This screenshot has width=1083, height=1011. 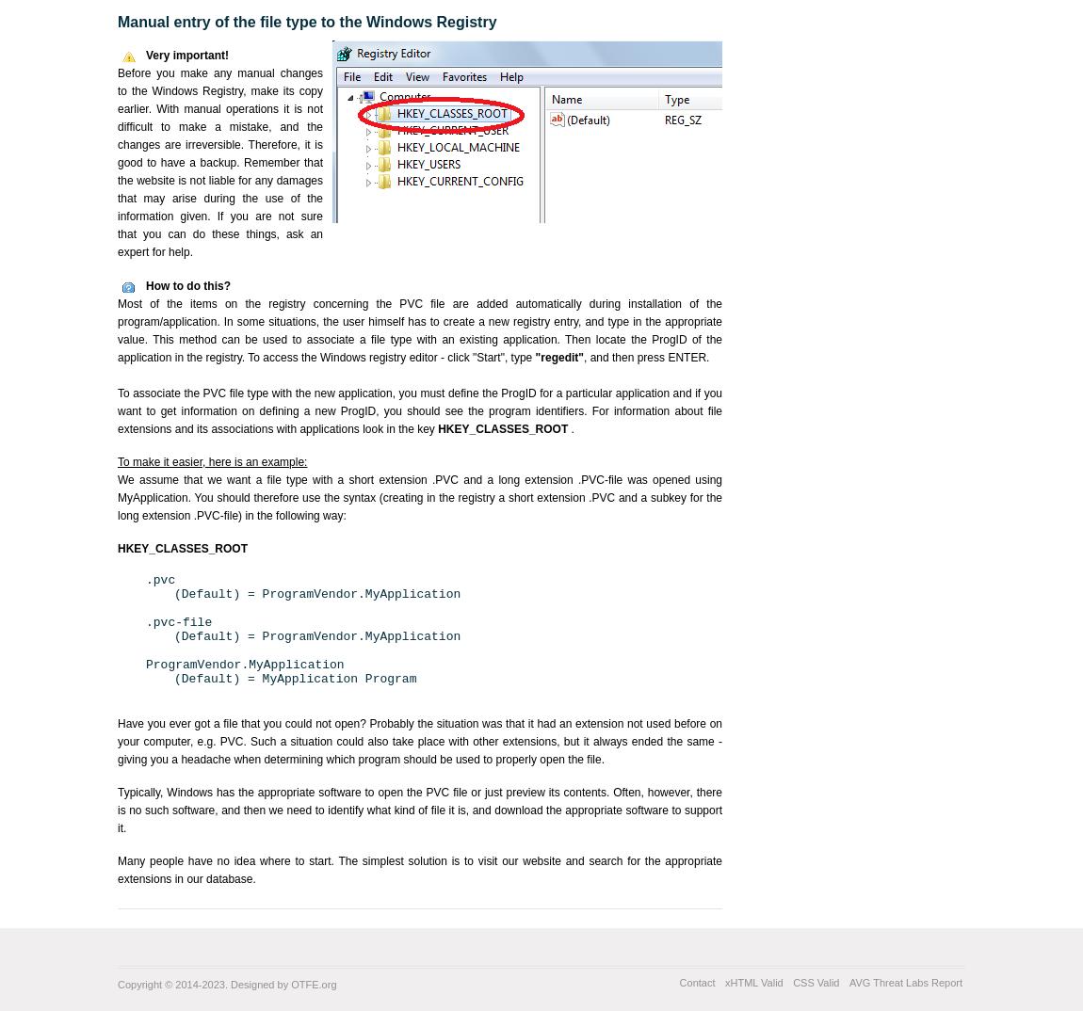 What do you see at coordinates (419, 870) in the screenshot?
I see `'Many people have no idea where to start. The simplest solution is to visit our website and search for the appropriate extensions in our database.'` at bounding box center [419, 870].